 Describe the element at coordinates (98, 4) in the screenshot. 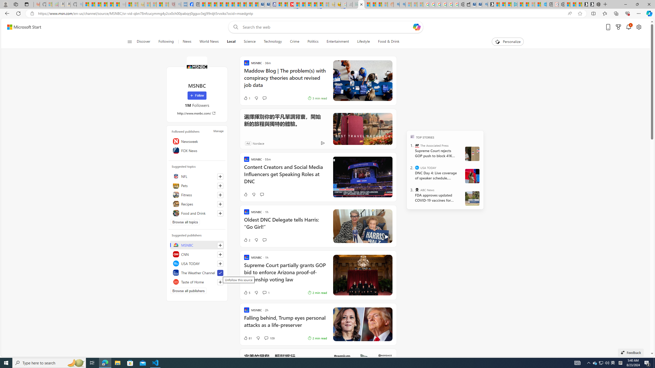

I see `'The Weather Channel - MSN'` at that location.